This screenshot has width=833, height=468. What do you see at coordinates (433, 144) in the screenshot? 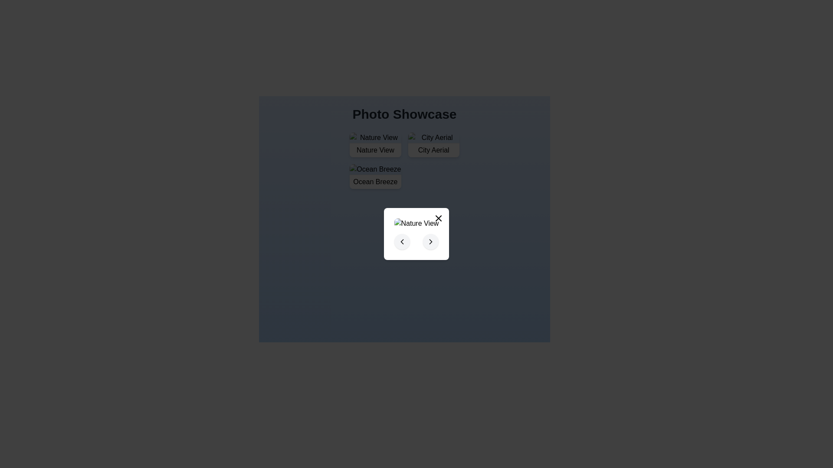
I see `the second interactive card in the grid layout, which is themed 'City Aerial', to trigger hover effects` at bounding box center [433, 144].